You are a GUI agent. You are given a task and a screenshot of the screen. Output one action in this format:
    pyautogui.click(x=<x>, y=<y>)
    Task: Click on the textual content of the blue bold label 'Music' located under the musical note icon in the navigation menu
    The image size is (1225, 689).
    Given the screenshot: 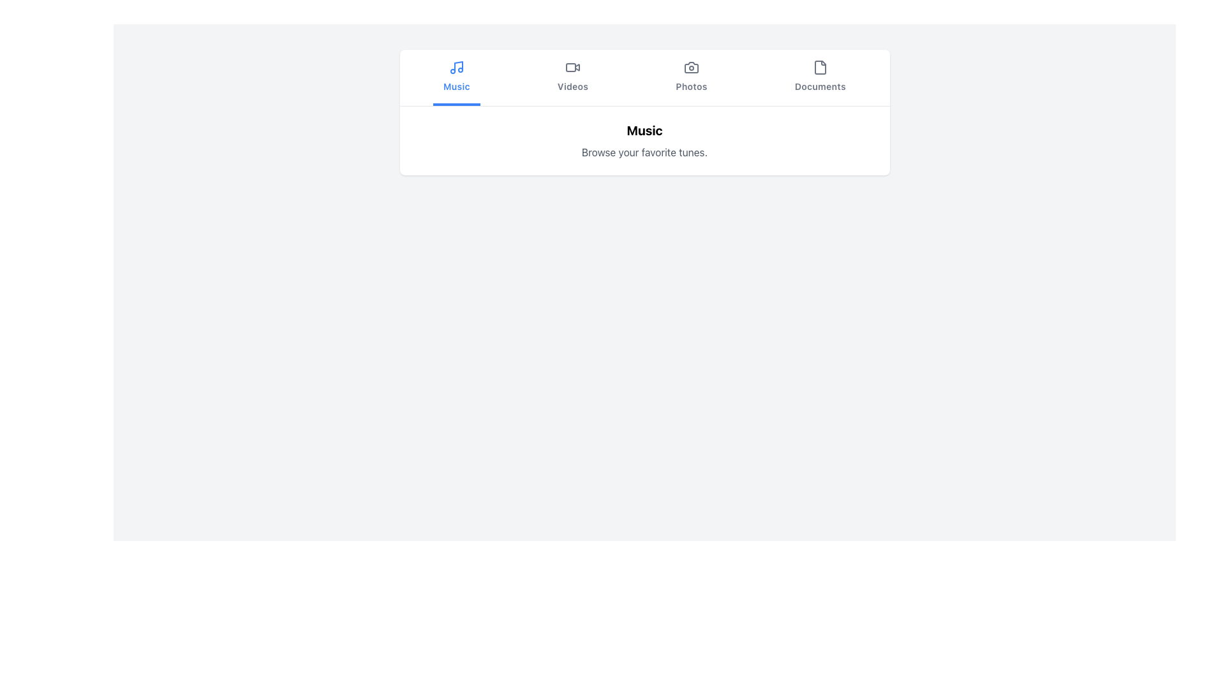 What is the action you would take?
    pyautogui.click(x=456, y=86)
    